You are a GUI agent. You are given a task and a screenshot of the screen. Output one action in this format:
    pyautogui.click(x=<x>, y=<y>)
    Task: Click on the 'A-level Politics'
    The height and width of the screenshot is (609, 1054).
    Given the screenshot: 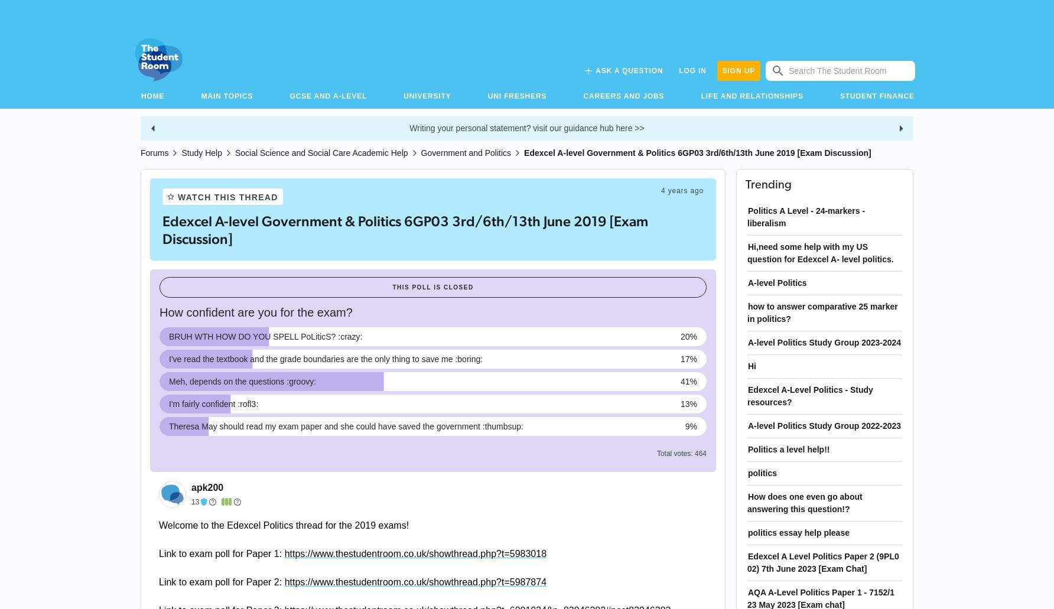 What is the action you would take?
    pyautogui.click(x=776, y=283)
    